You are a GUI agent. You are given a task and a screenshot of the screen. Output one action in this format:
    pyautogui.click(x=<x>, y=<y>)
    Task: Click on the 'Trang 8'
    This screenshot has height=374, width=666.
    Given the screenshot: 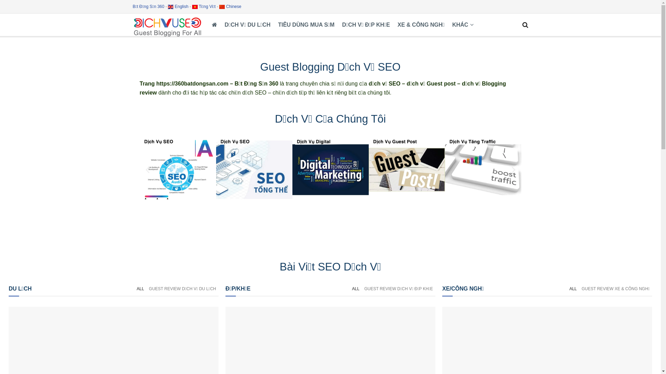 What is the action you would take?
    pyautogui.click(x=483, y=169)
    